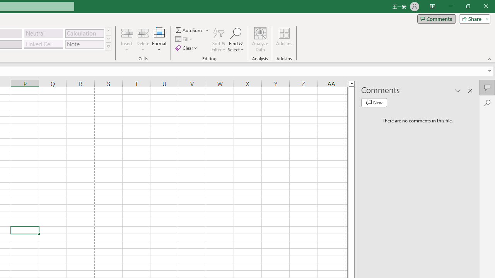 The image size is (495, 278). What do you see at coordinates (468, 6) in the screenshot?
I see `'Restore Down'` at bounding box center [468, 6].